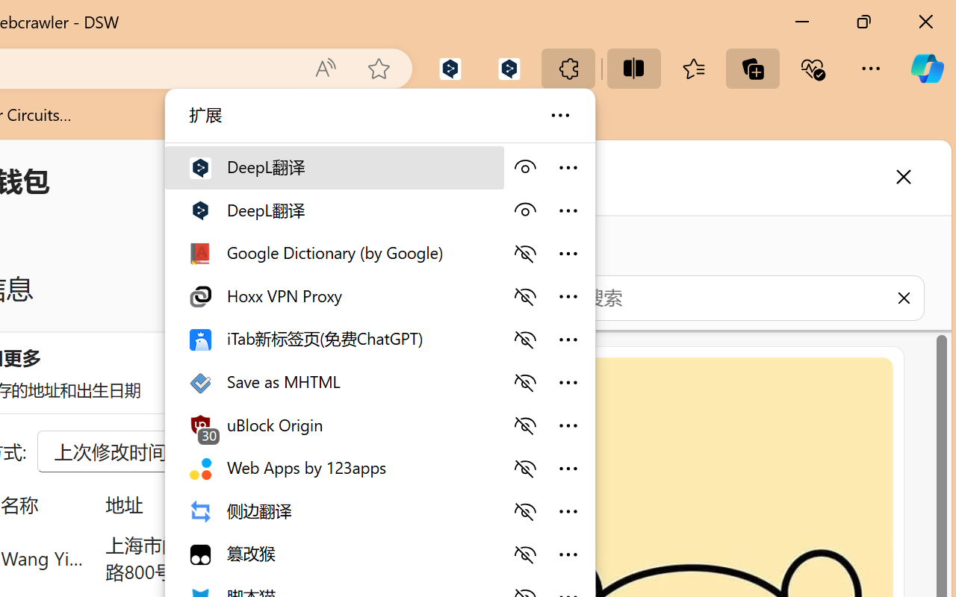  I want to click on 'Hoxx VPN Proxy', so click(332, 295).